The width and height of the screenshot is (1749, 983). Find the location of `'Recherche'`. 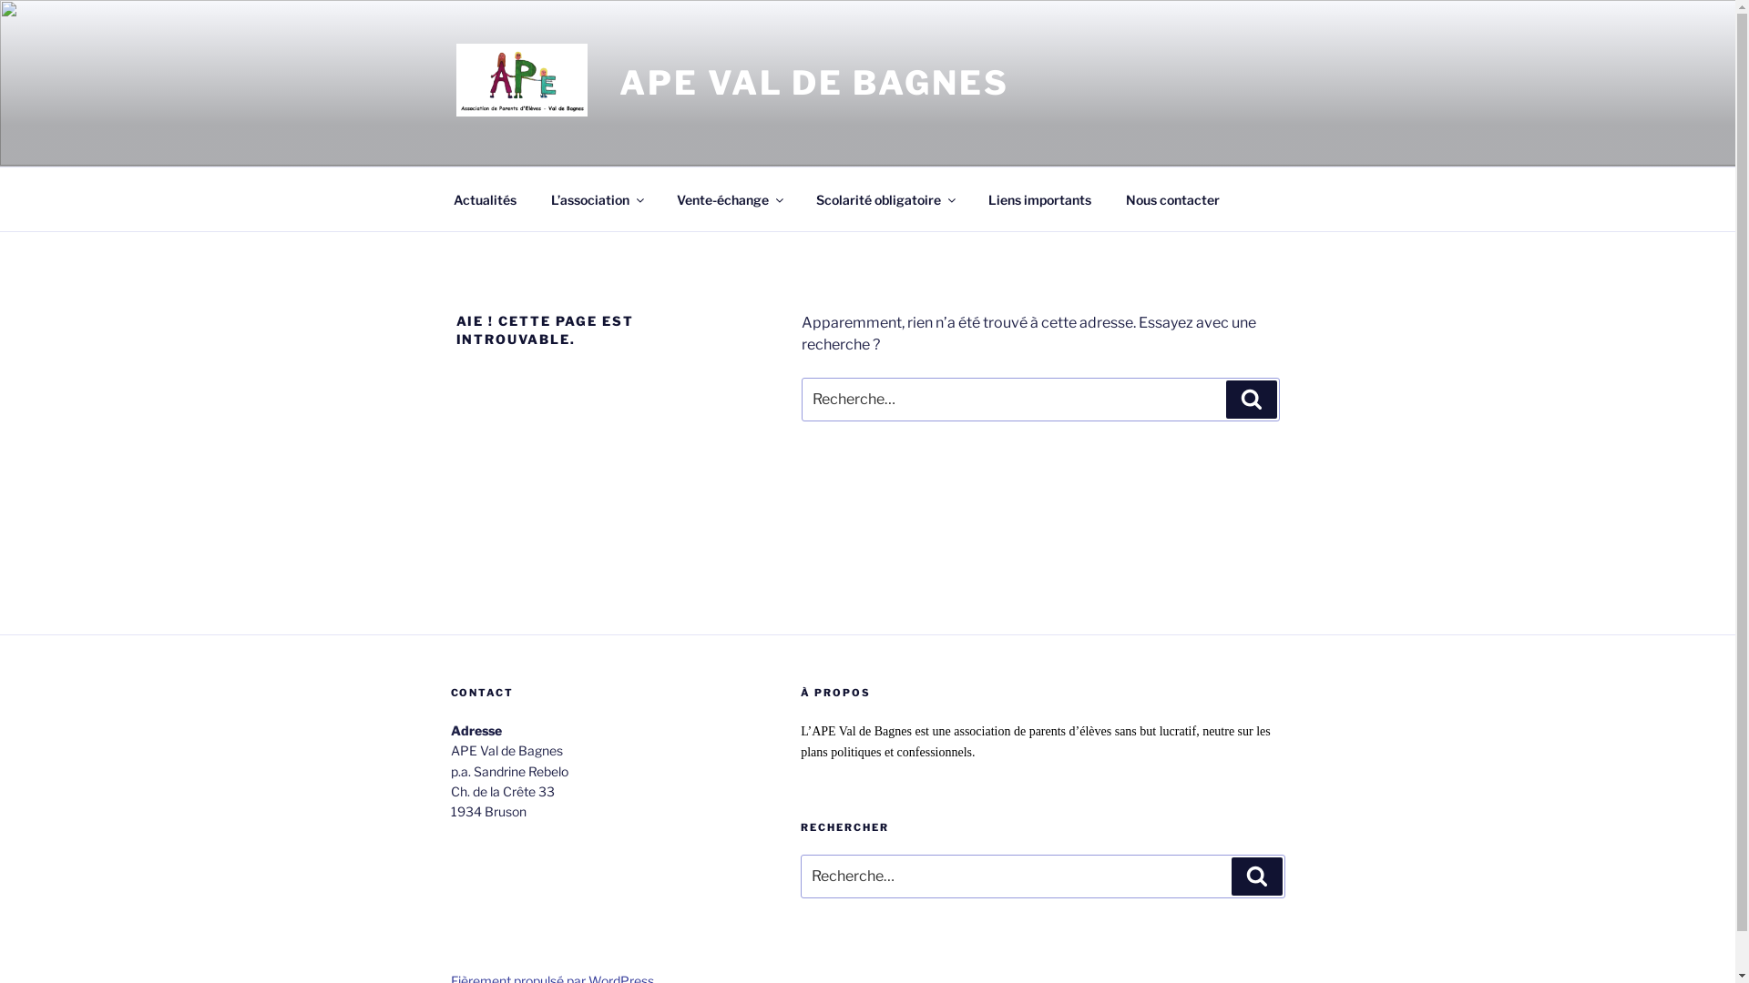

'Recherche' is located at coordinates (1256, 876).